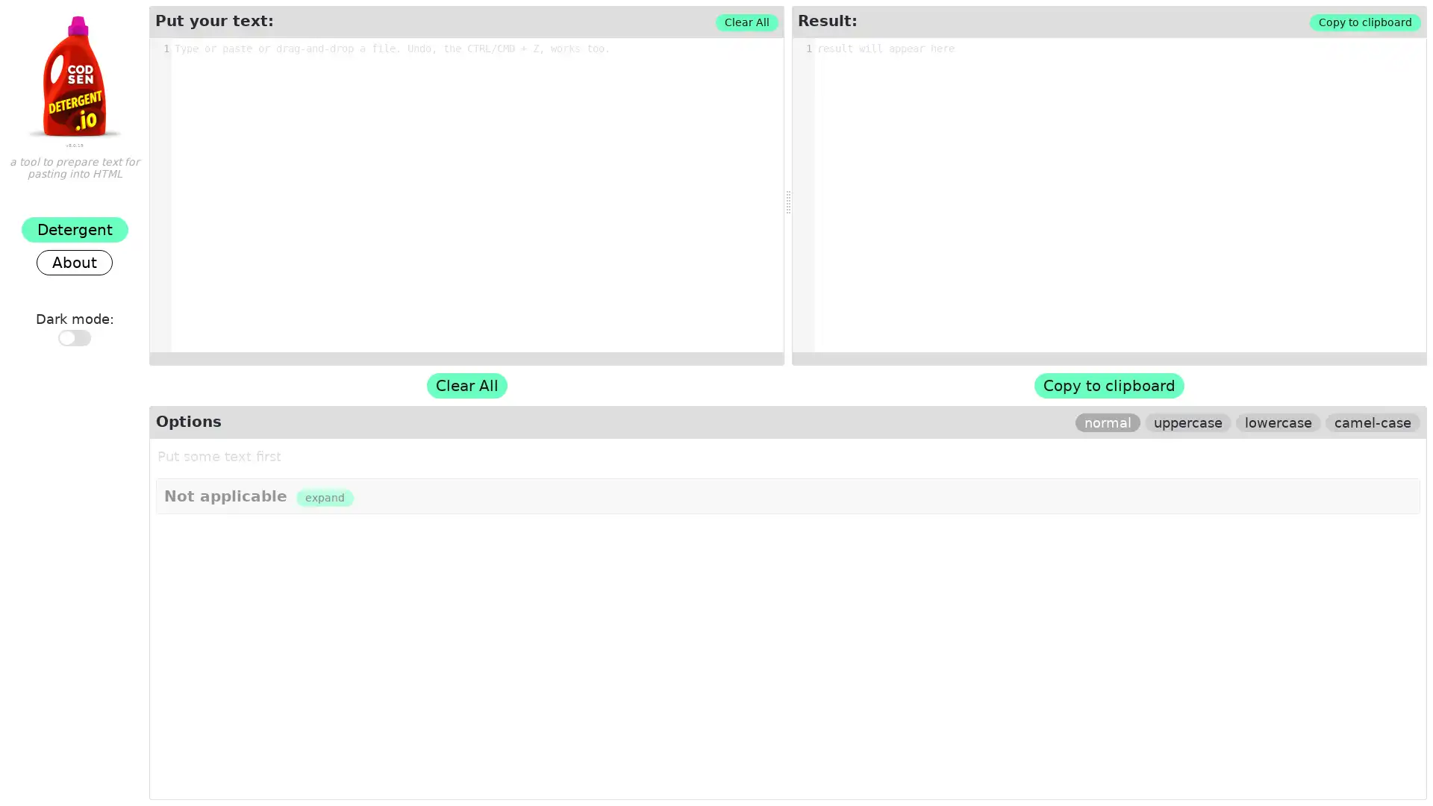 The image size is (1433, 806). Describe the element at coordinates (324, 498) in the screenshot. I see `expand` at that location.